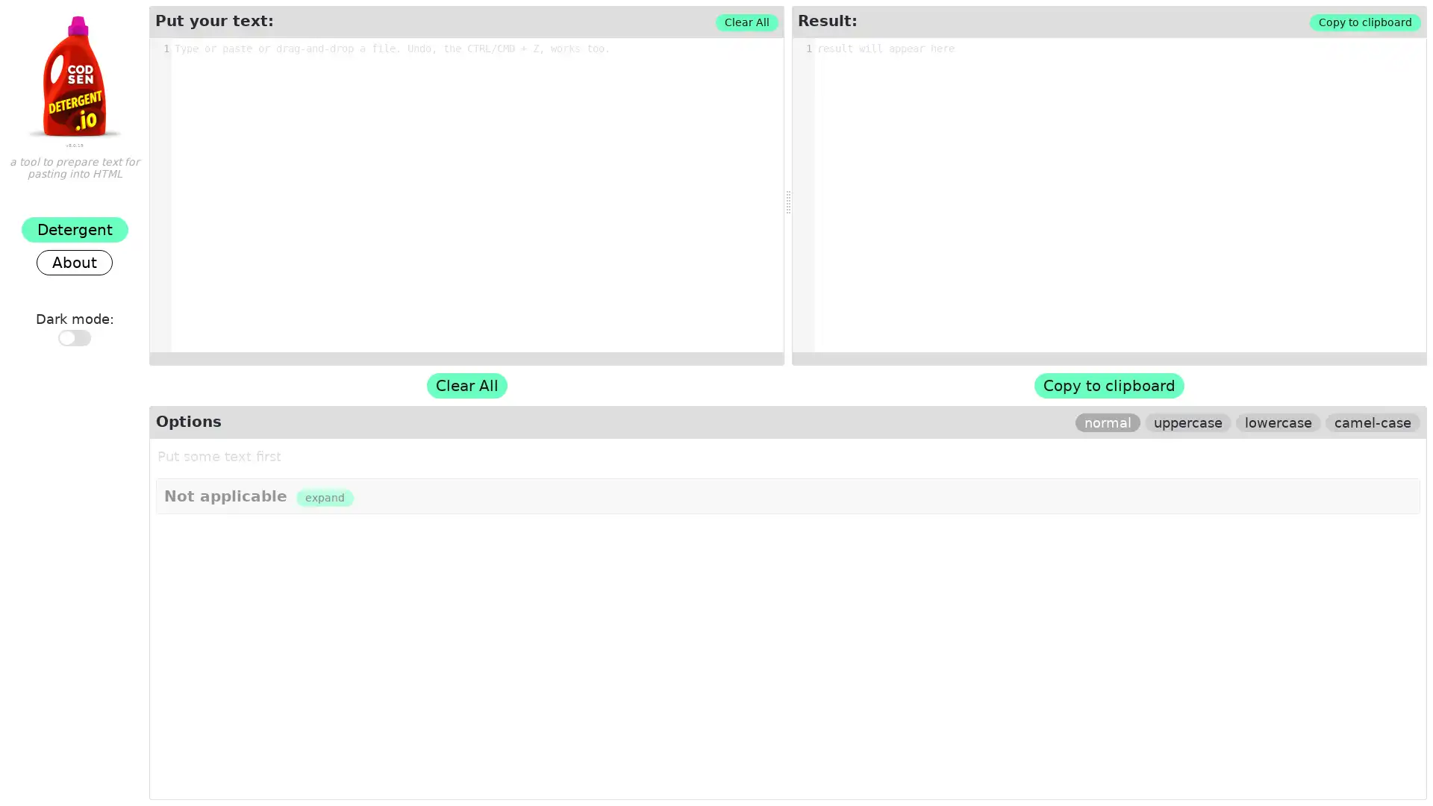 The image size is (1433, 806). Describe the element at coordinates (324, 498) in the screenshot. I see `expand` at that location.